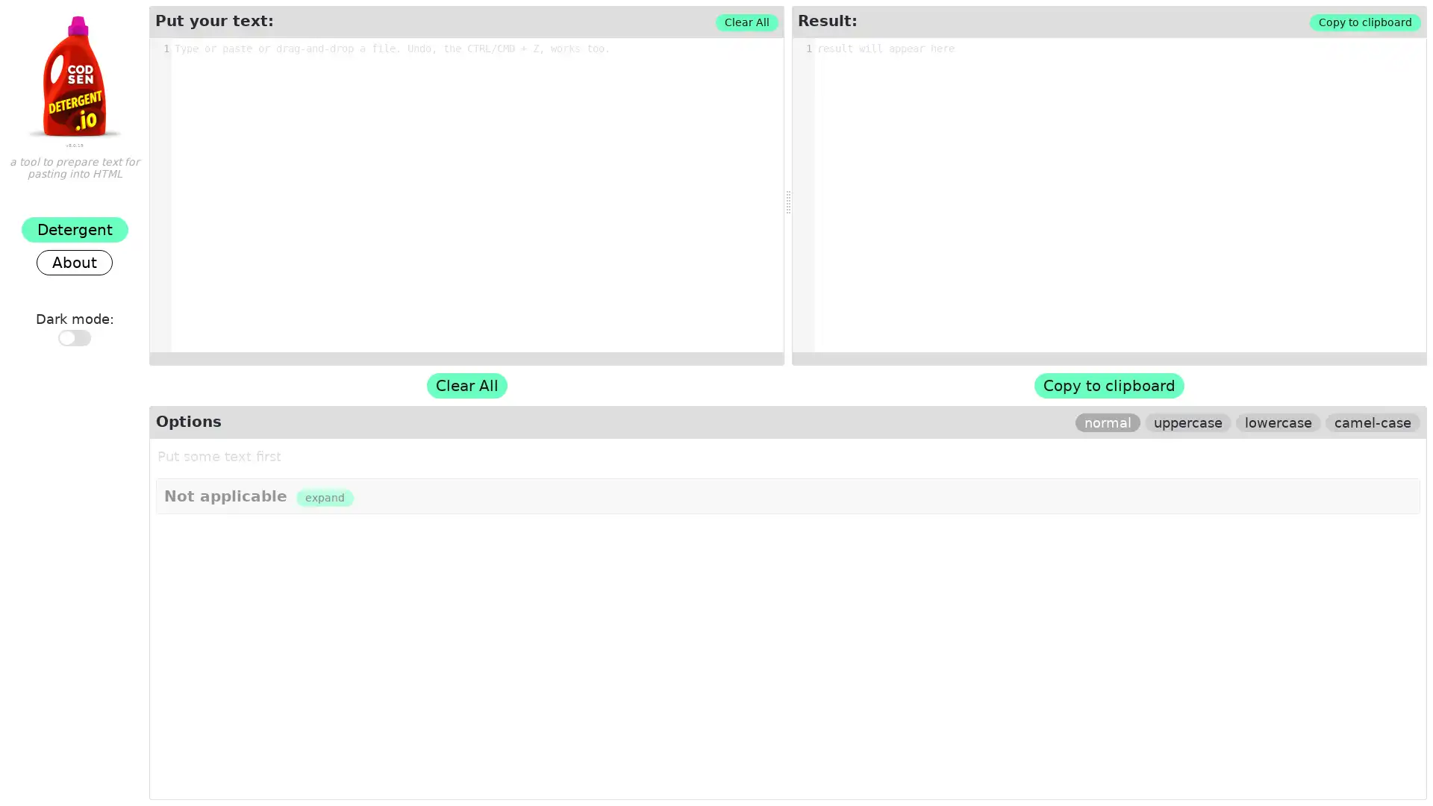 The image size is (1433, 806). Describe the element at coordinates (324, 498) in the screenshot. I see `expand` at that location.